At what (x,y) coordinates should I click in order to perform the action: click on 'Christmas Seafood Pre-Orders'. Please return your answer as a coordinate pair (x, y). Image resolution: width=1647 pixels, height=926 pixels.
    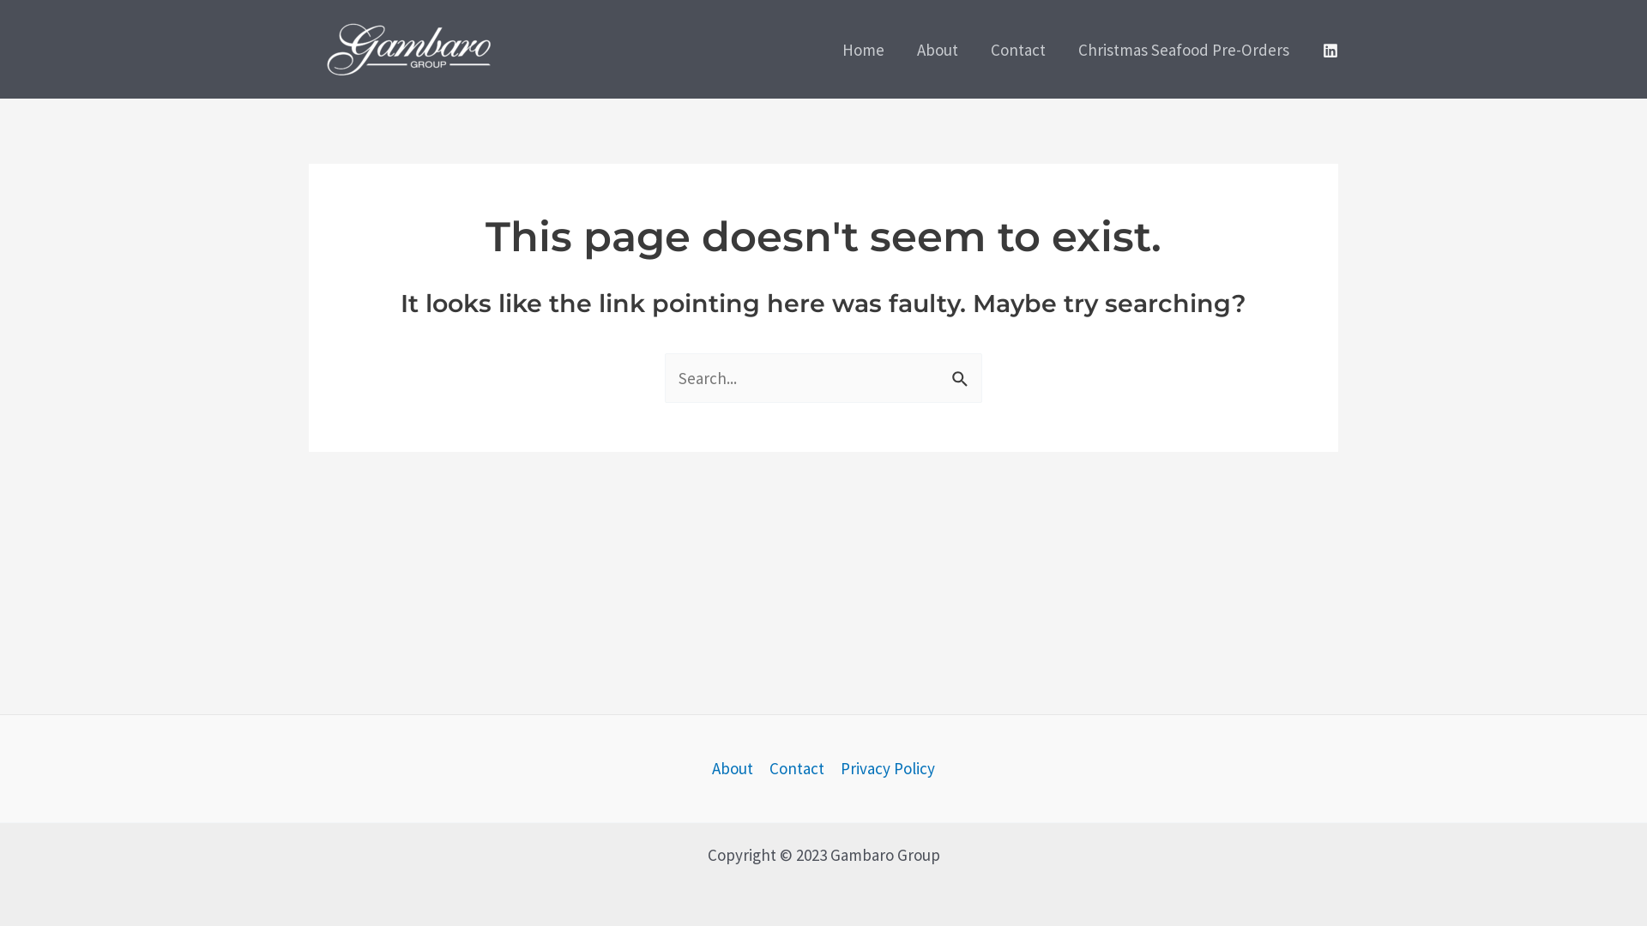
    Looking at the image, I should click on (1183, 48).